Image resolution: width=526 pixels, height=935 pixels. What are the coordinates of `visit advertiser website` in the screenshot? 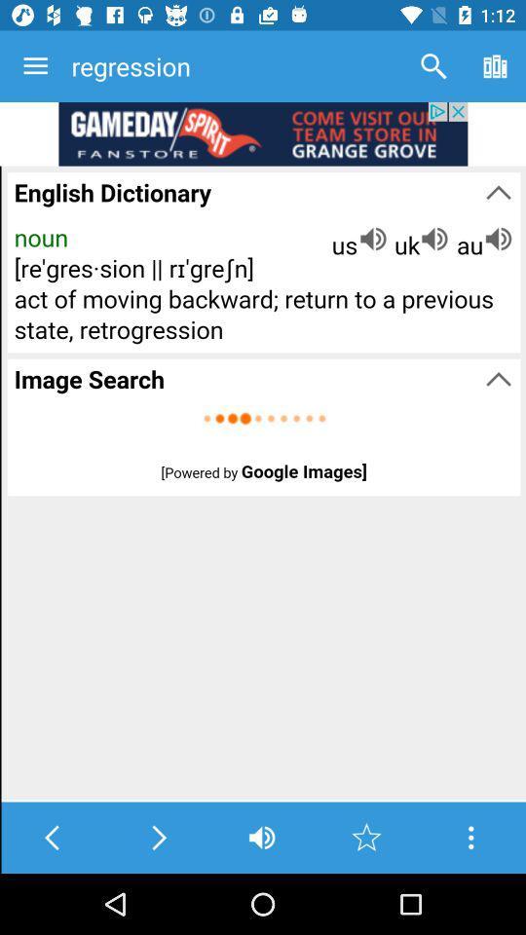 It's located at (263, 132).